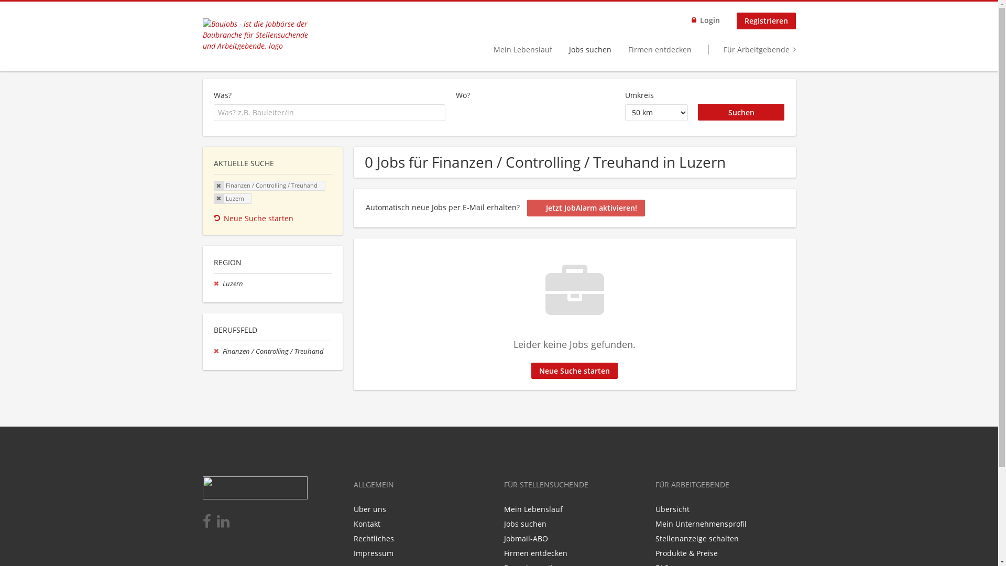 This screenshot has width=1006, height=566. I want to click on 'Produkte & Preise', so click(655, 552).